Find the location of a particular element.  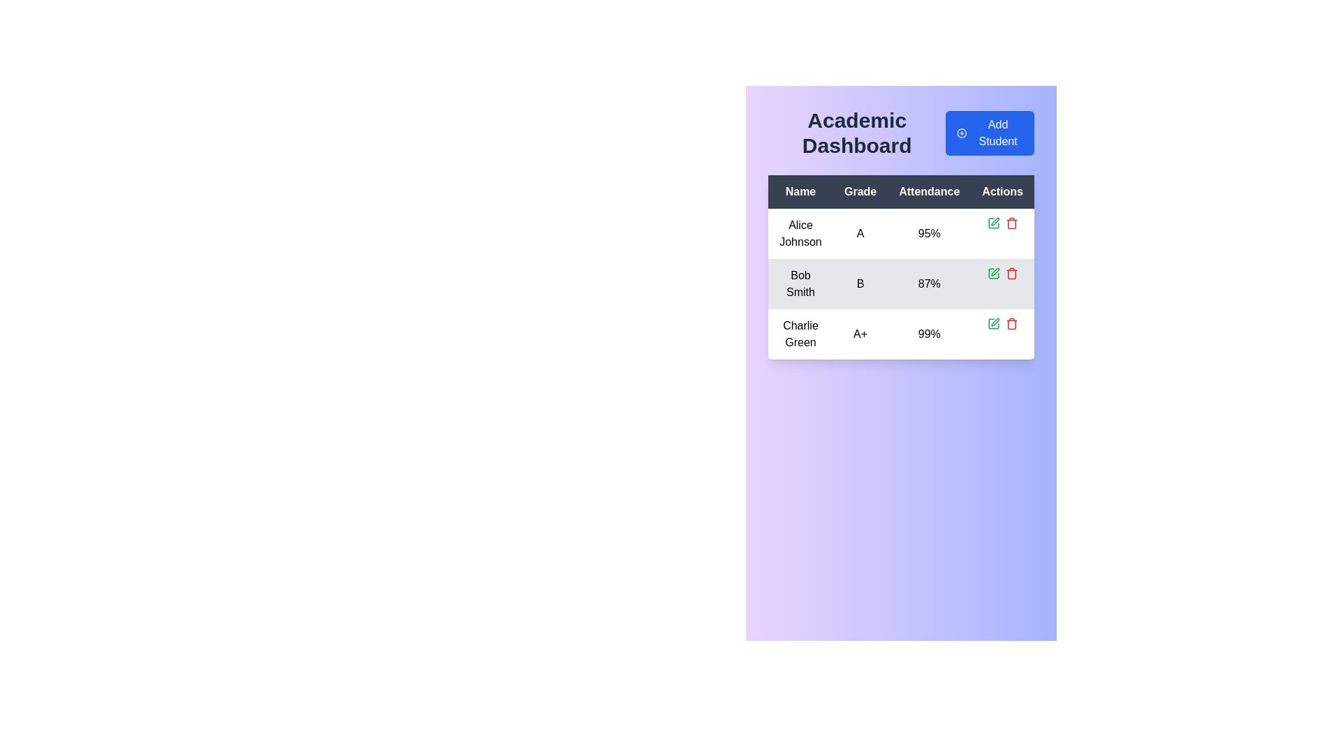

the label displaying the grade 'A+' for the student 'Charlie Green', located in the 'Grade' column, between the 'Name' and 'Attendance' columns is located at coordinates (860, 334).